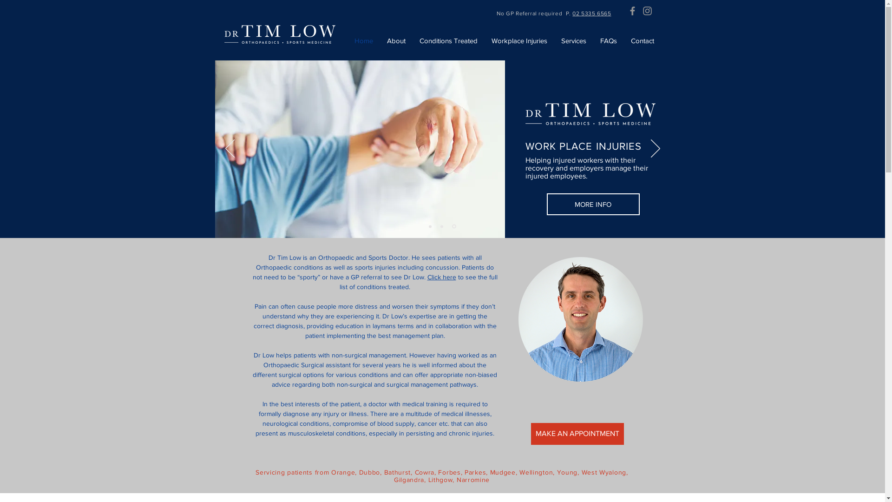  Describe the element at coordinates (572, 13) in the screenshot. I see `'02 5335 6565'` at that location.